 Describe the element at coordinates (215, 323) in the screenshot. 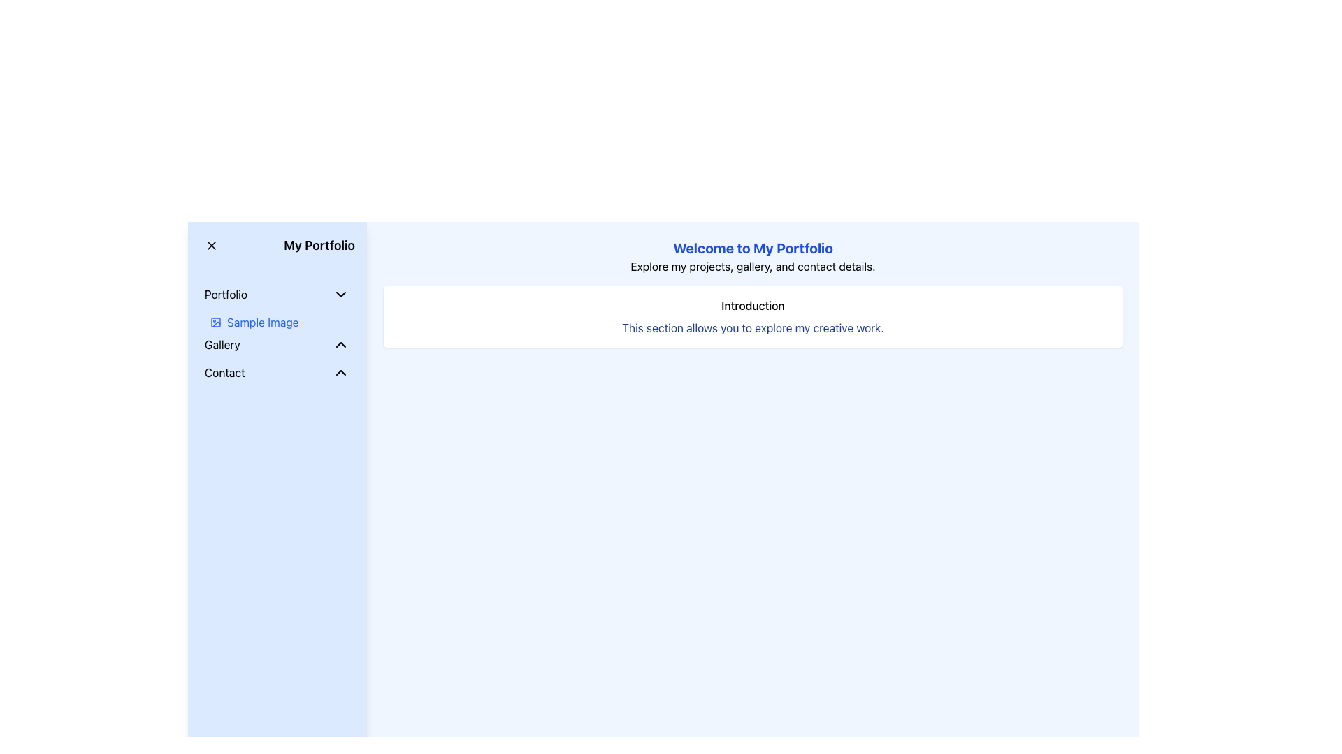

I see `icon located in the left sidebar under the 'Portfolio' section, which precedes the text 'Sample Image' for additional details` at that location.